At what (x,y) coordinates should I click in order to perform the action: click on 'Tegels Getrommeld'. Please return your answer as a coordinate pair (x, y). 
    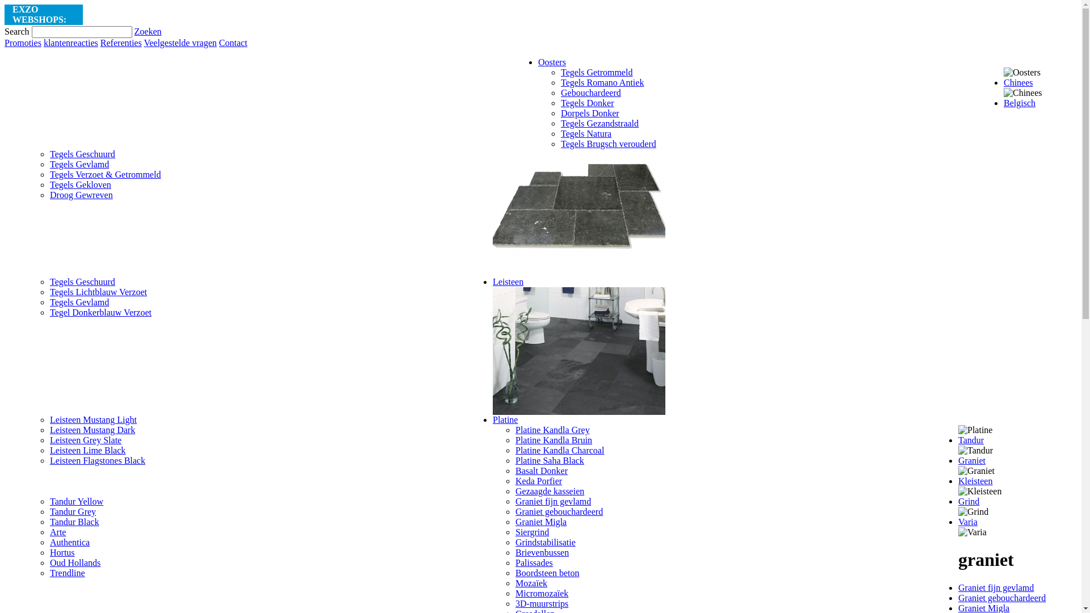
    Looking at the image, I should click on (561, 72).